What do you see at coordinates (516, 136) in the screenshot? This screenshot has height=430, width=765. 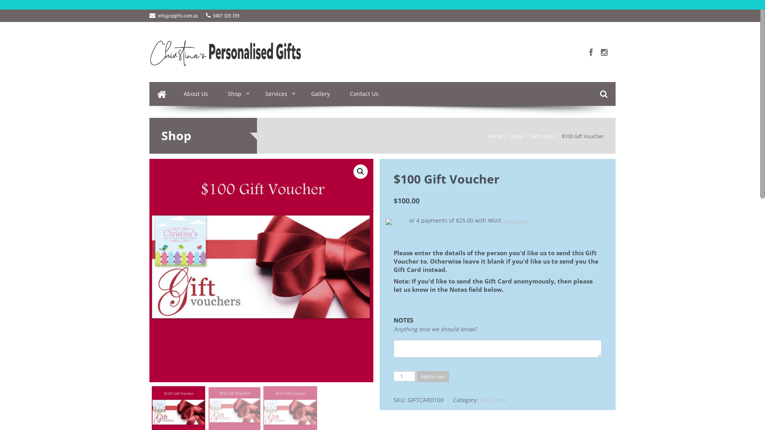 I see `'Shop'` at bounding box center [516, 136].